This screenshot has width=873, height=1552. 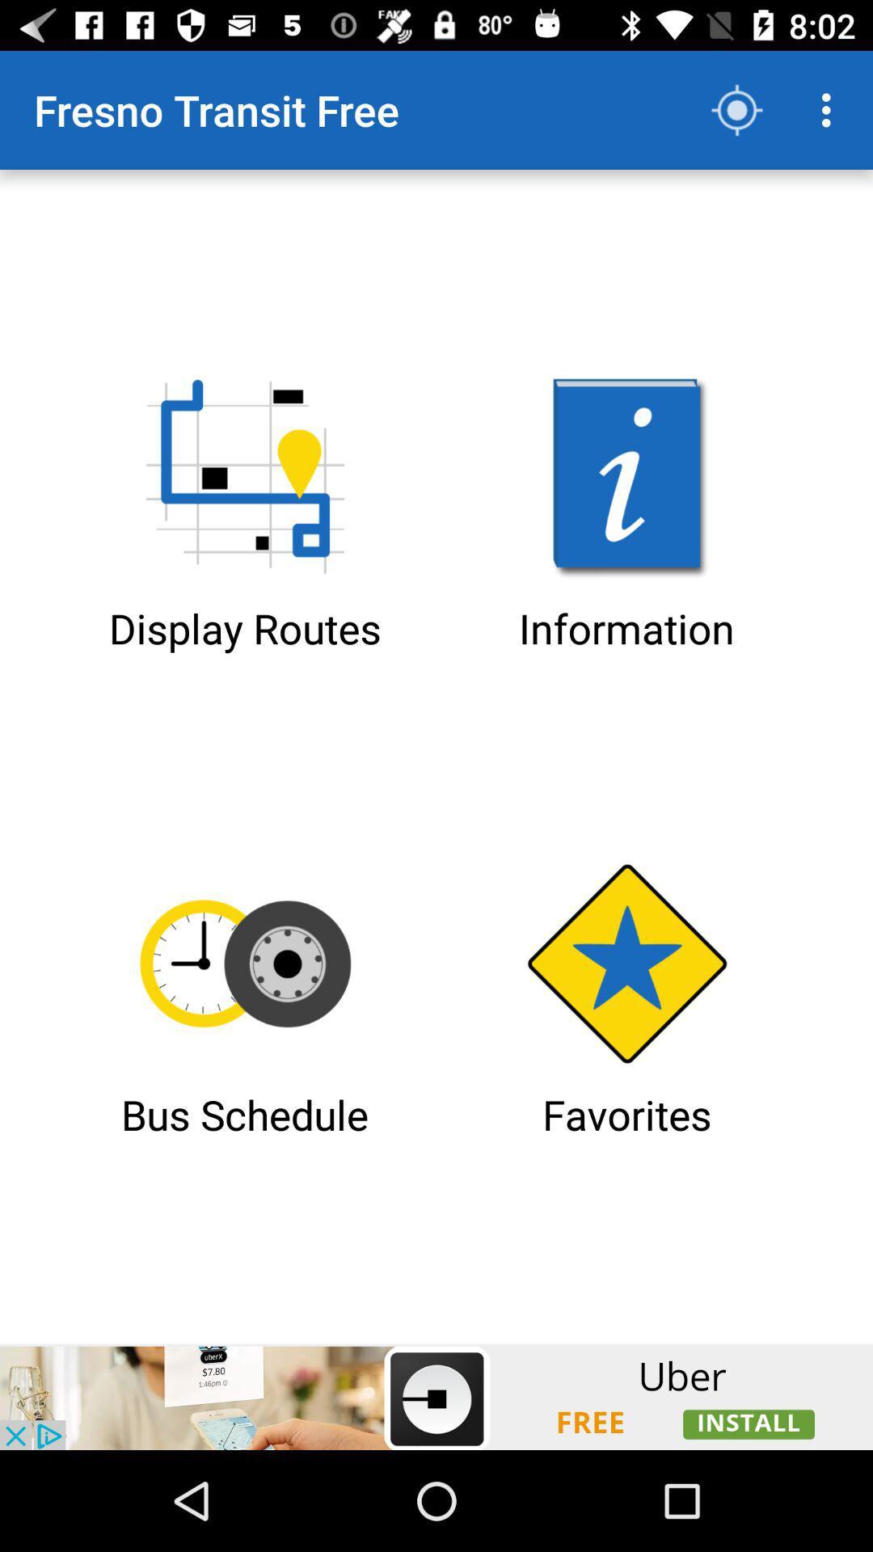 What do you see at coordinates (436, 1396) in the screenshot?
I see `sponsored advertisement` at bounding box center [436, 1396].